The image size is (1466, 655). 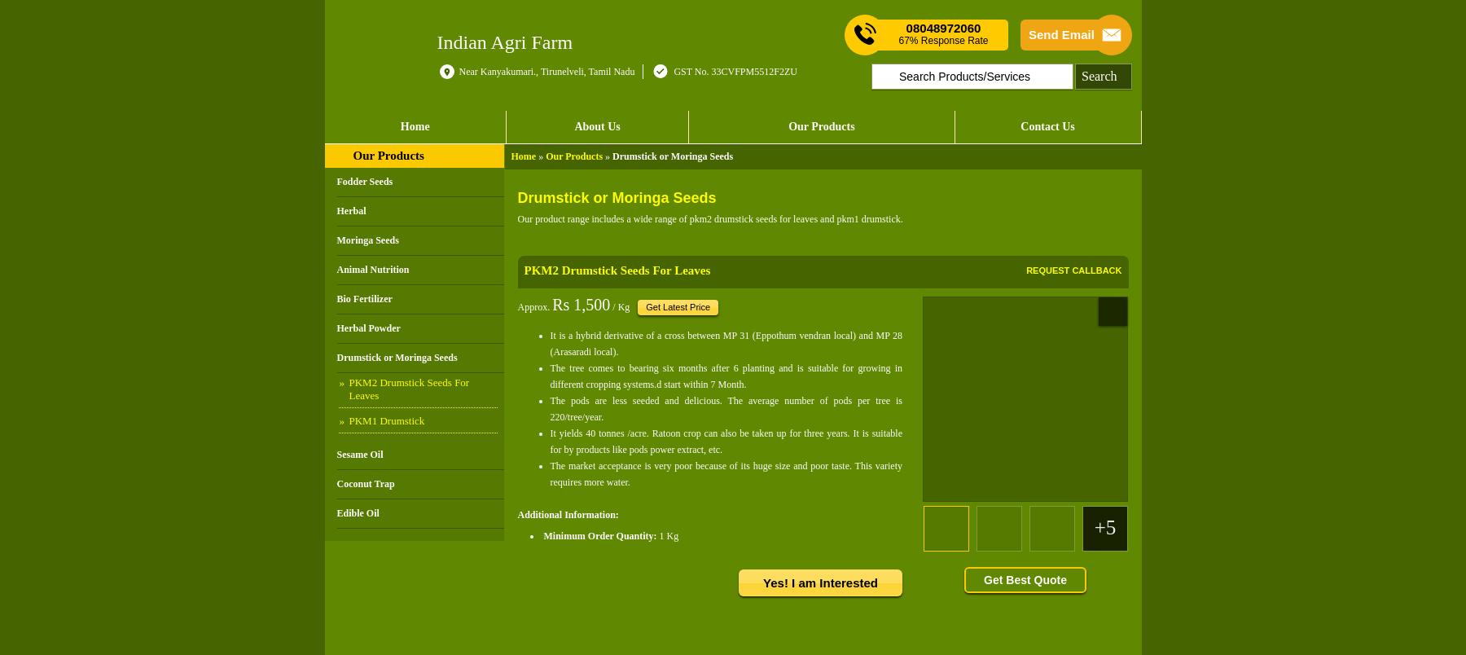 I want to click on '1 Kg', so click(x=658, y=534).